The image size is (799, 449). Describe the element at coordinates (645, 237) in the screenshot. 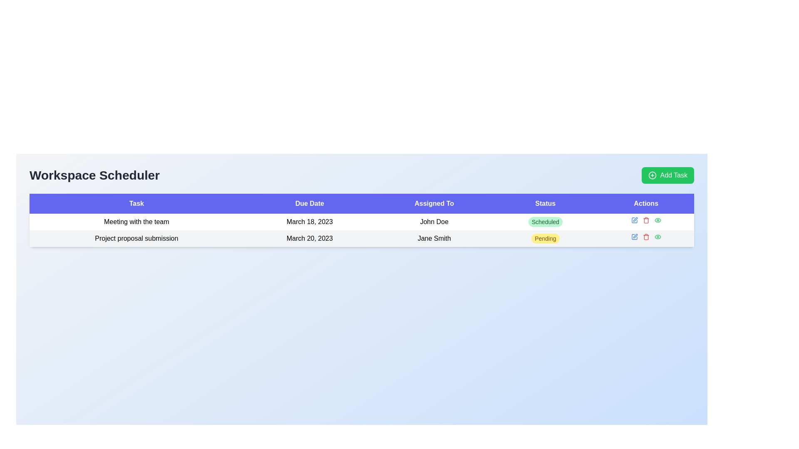

I see `the delete icon button in the 'Actions' column of the table for the second row labeled 'Project proposal submission'` at that location.